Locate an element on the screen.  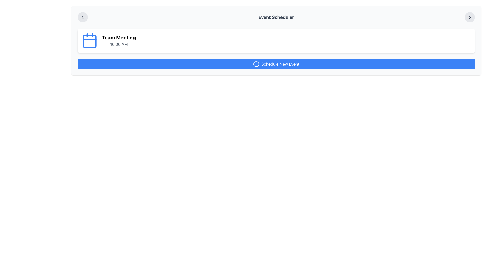
the forward arrow icon located in the top-right corner of the interface, inside a rounded button in the header section is located at coordinates (470, 17).